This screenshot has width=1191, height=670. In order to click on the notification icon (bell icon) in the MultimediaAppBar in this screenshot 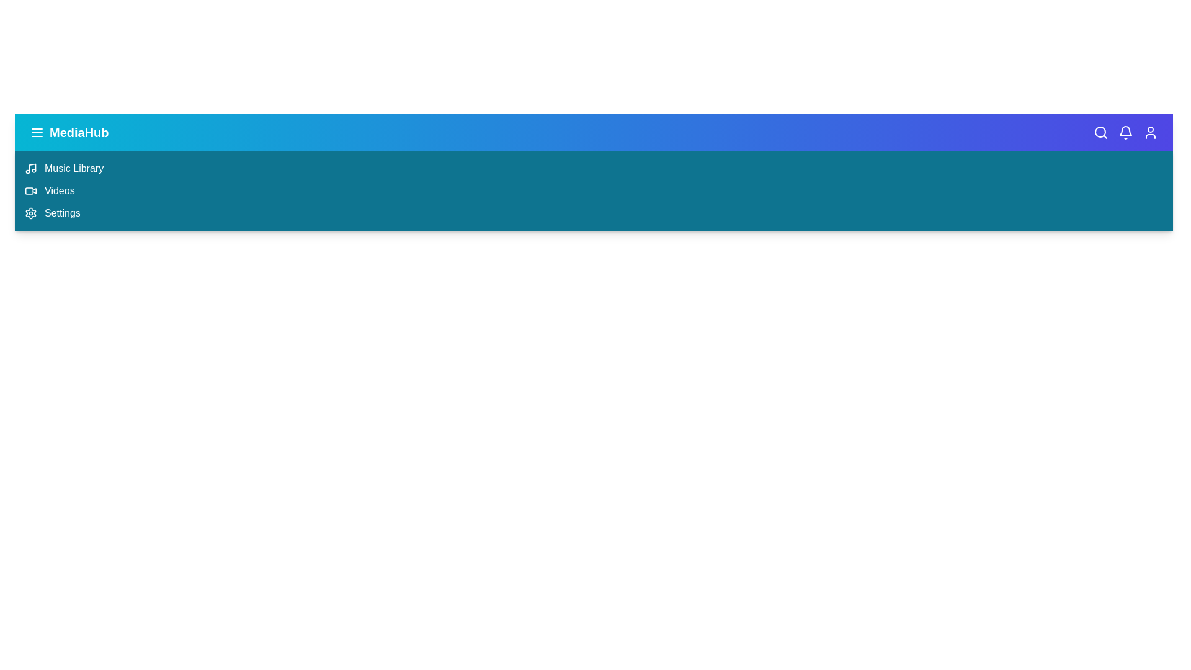, I will do `click(1125, 132)`.